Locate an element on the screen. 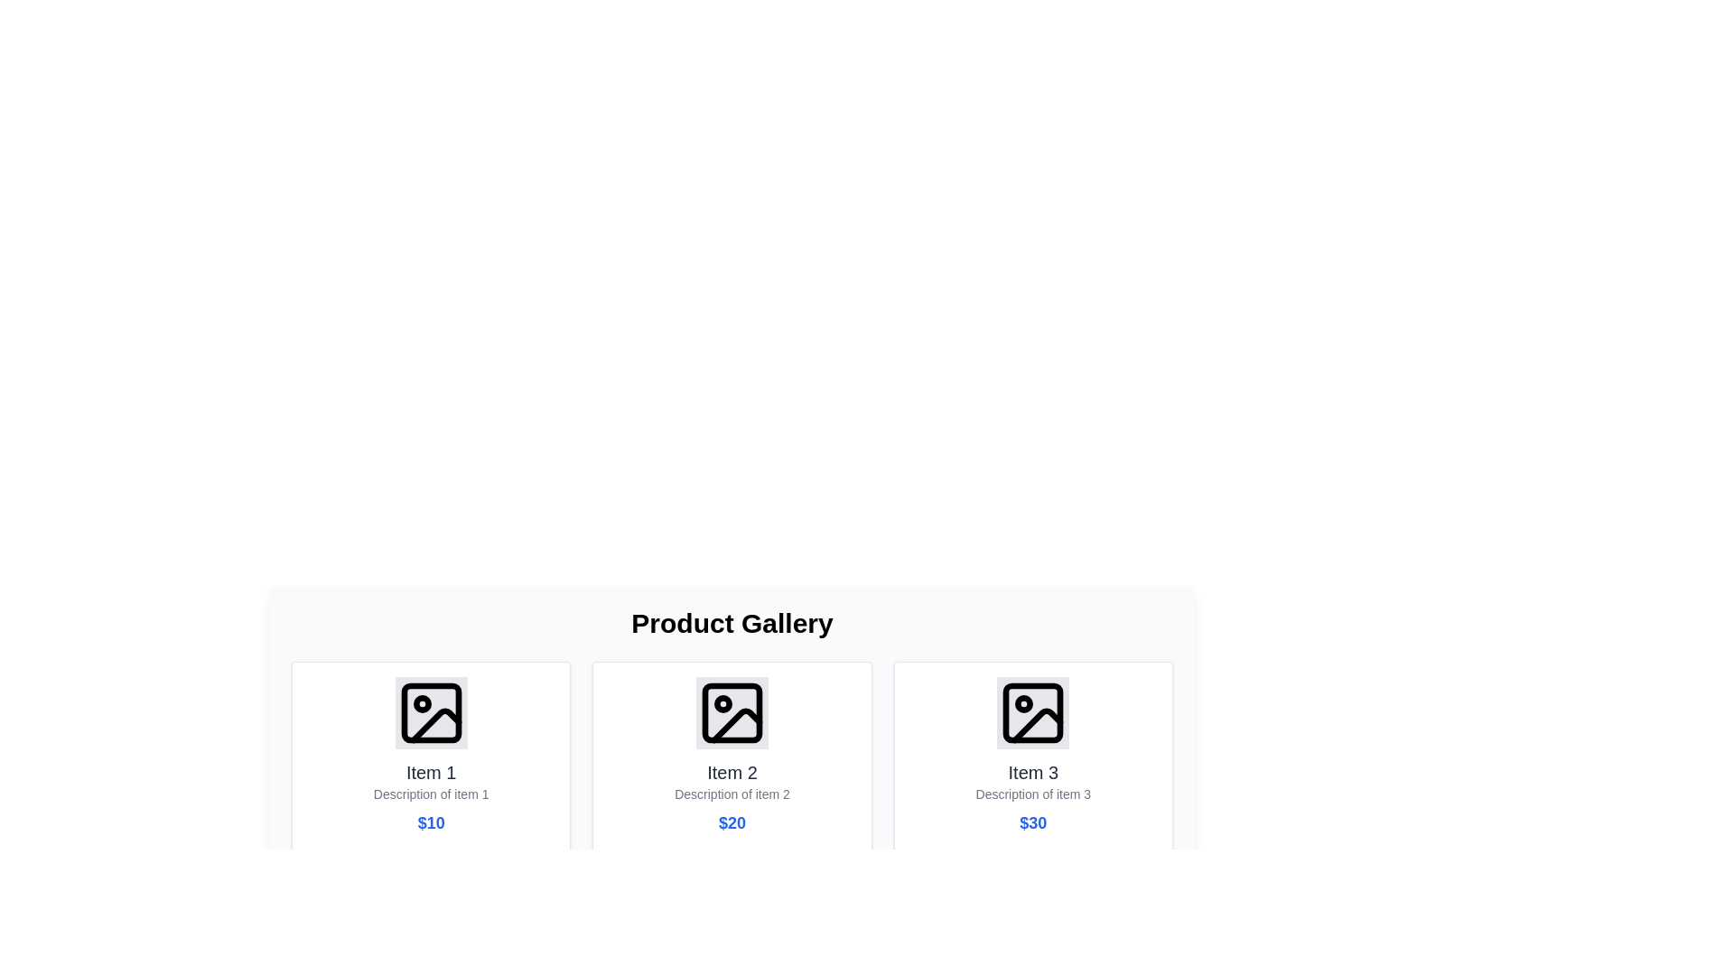 The image size is (1734, 975). text label displaying 'Item 1', which is a medium-sized, dark gray font positioned below the image icon in the first product card is located at coordinates (430, 772).